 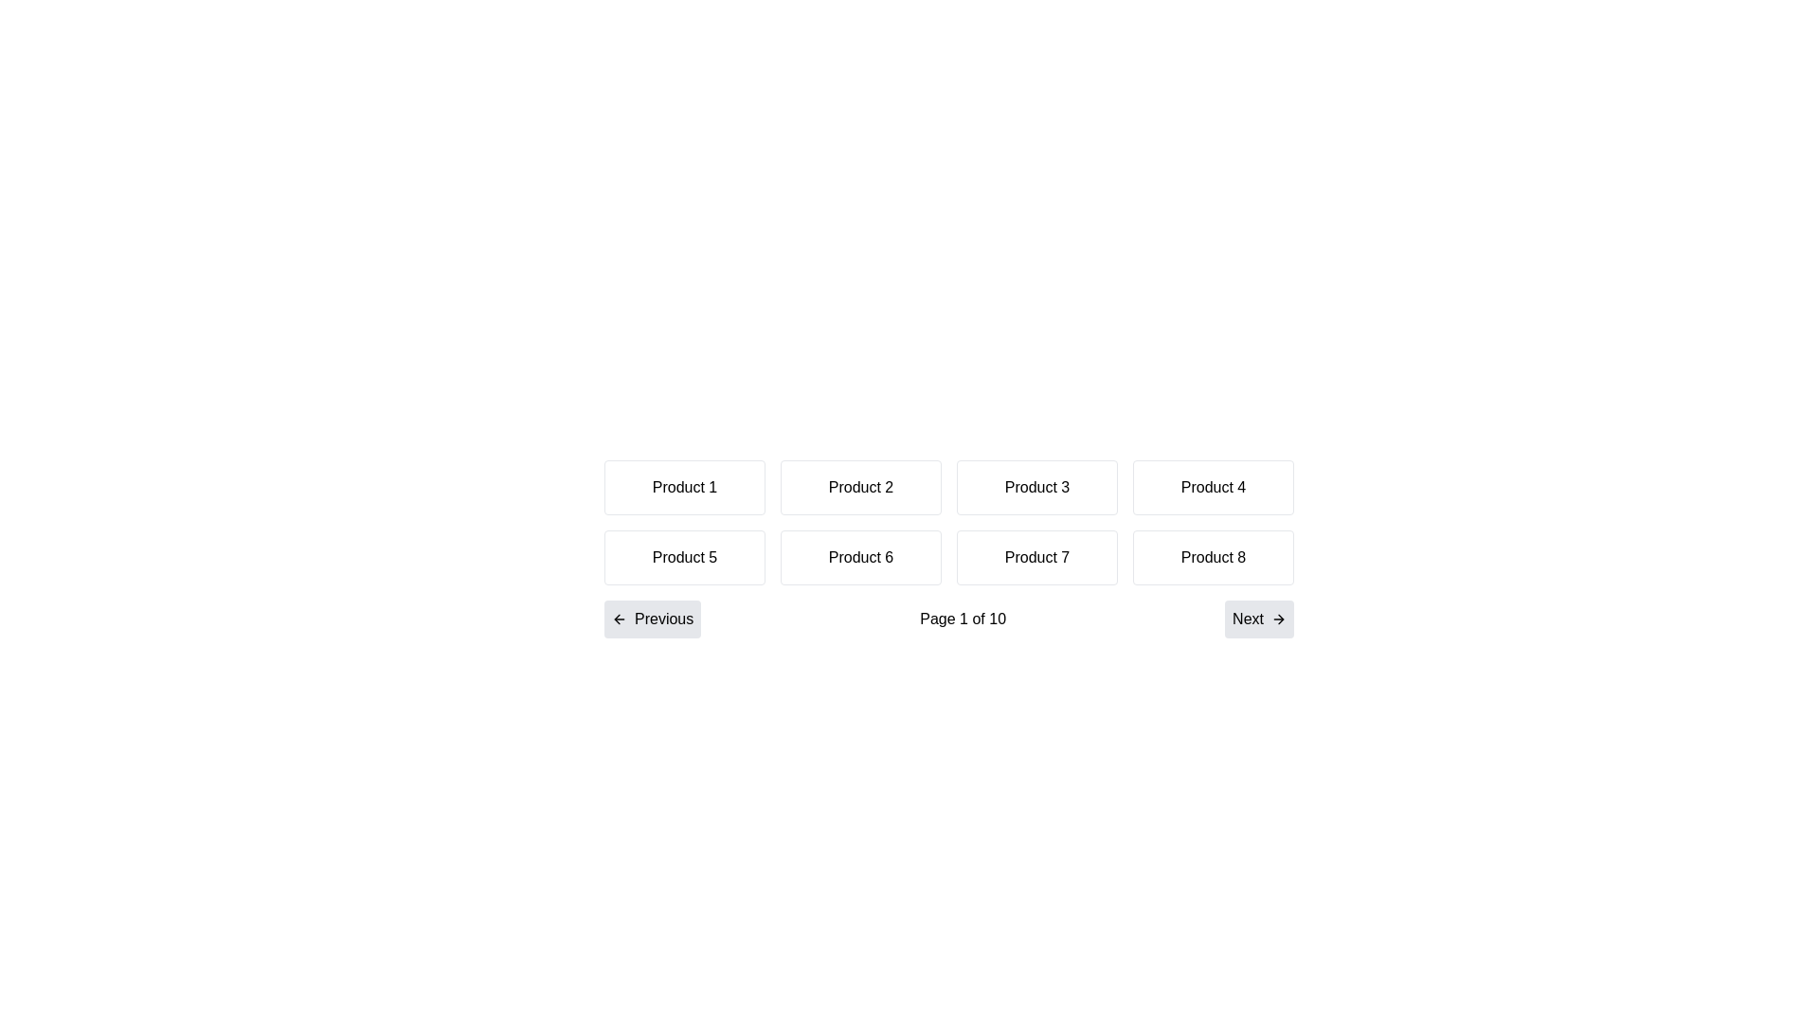 I want to click on the static text label that indicates the current page number and total number of pages, located in the middle of the navigation bar between the 'Previous' and 'Next' buttons, so click(x=963, y=619).